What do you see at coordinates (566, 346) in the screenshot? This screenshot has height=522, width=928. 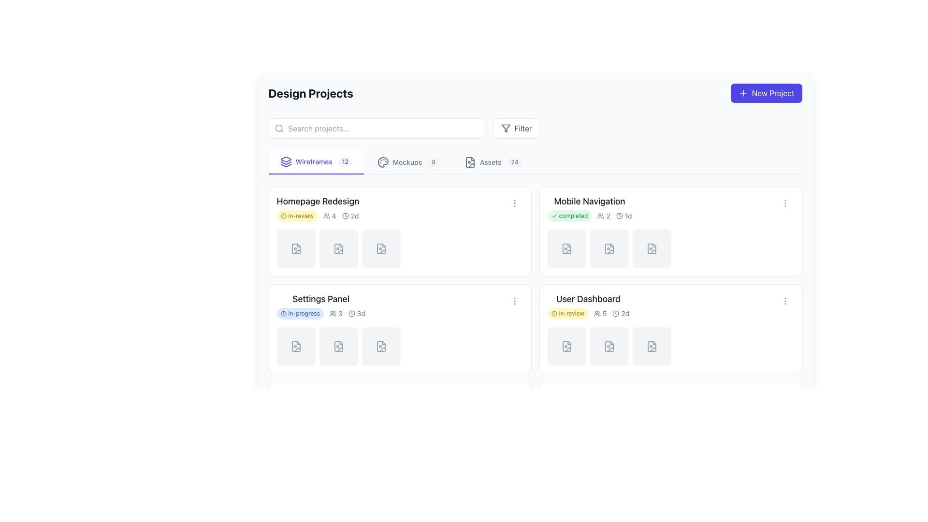 I see `the first icon or placeholder for a document or file in the 'User Dashboard' section, which is positioned in a horizontal sequence of three similar elements` at bounding box center [566, 346].